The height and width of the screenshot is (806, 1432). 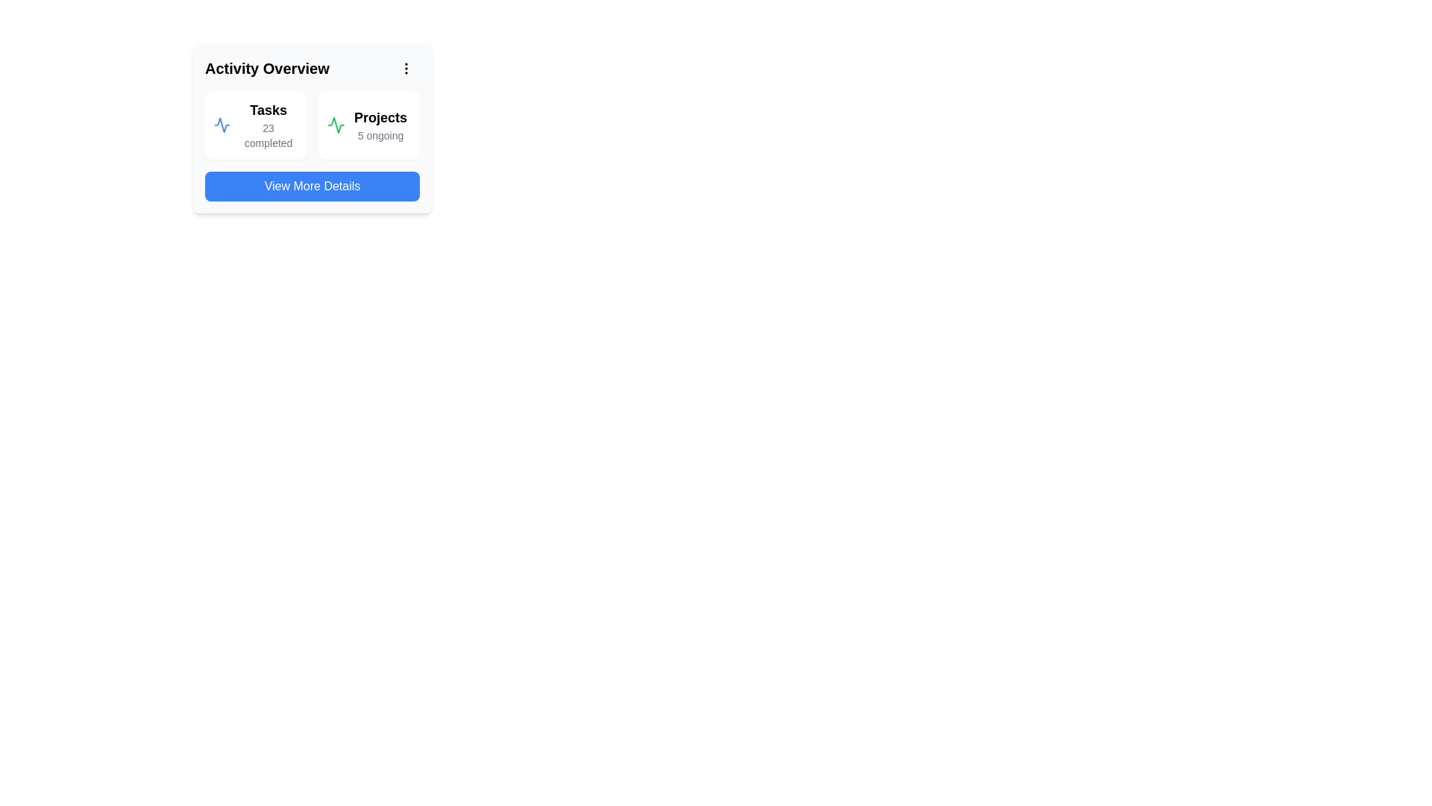 I want to click on the textual information block displaying the headline 'Projects' and subtext '5 ongoing', located on the right side of the information group under 'Activity Overview', so click(x=380, y=125).